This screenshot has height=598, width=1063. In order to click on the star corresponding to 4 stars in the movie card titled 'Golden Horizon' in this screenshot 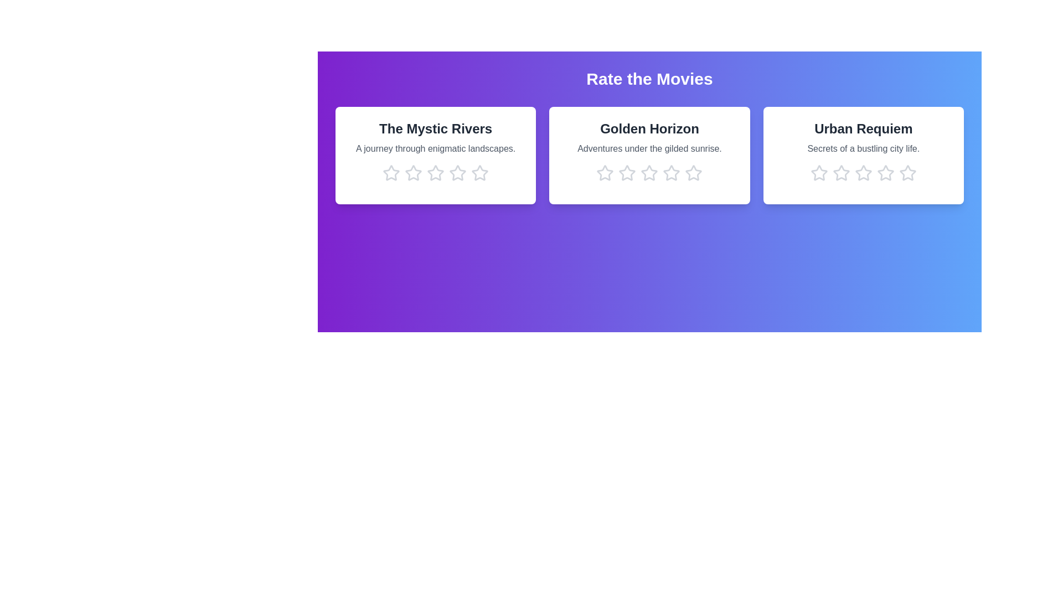, I will do `click(671, 173)`.